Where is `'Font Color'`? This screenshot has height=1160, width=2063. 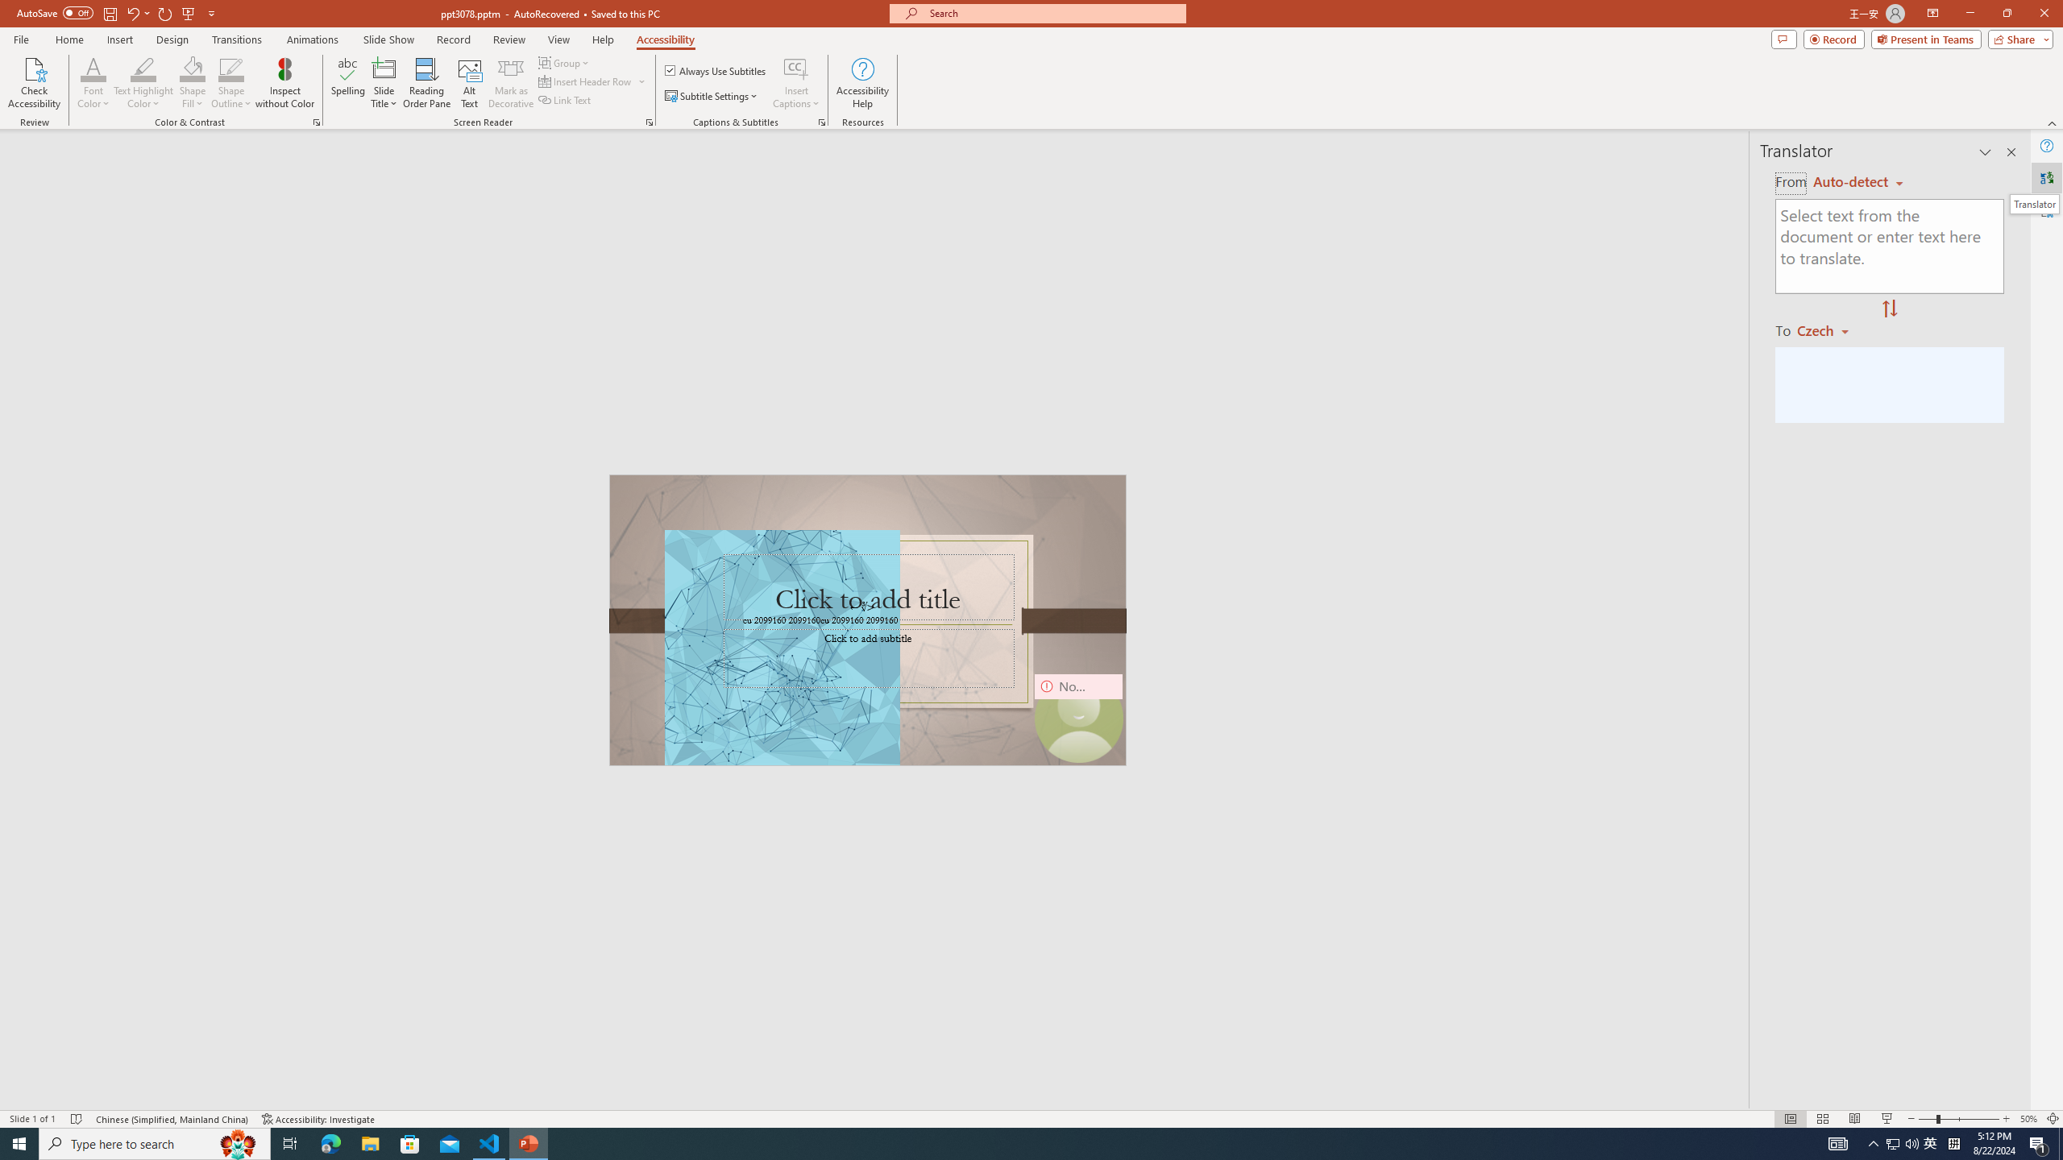 'Font Color' is located at coordinates (93, 83).